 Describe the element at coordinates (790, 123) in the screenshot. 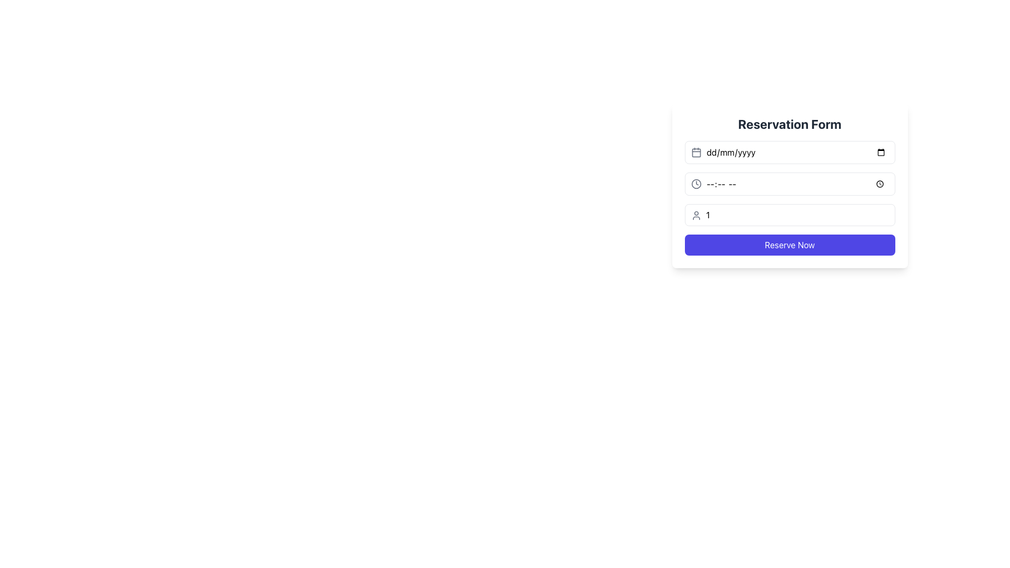

I see `the title text of the 'Reservation Form', which provides context for the form's purpose` at that location.